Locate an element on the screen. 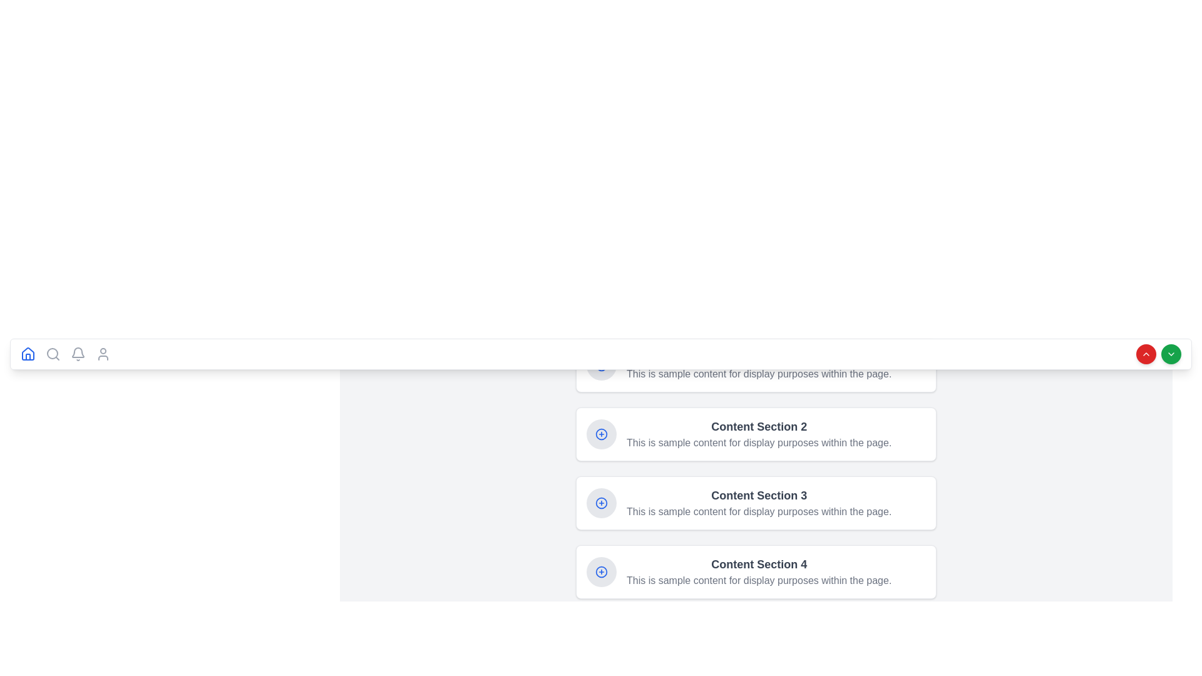  the descriptive title text element that provides context for the following content, located centrally in the second card-like section of a vertically-stacked list is located at coordinates (758, 426).